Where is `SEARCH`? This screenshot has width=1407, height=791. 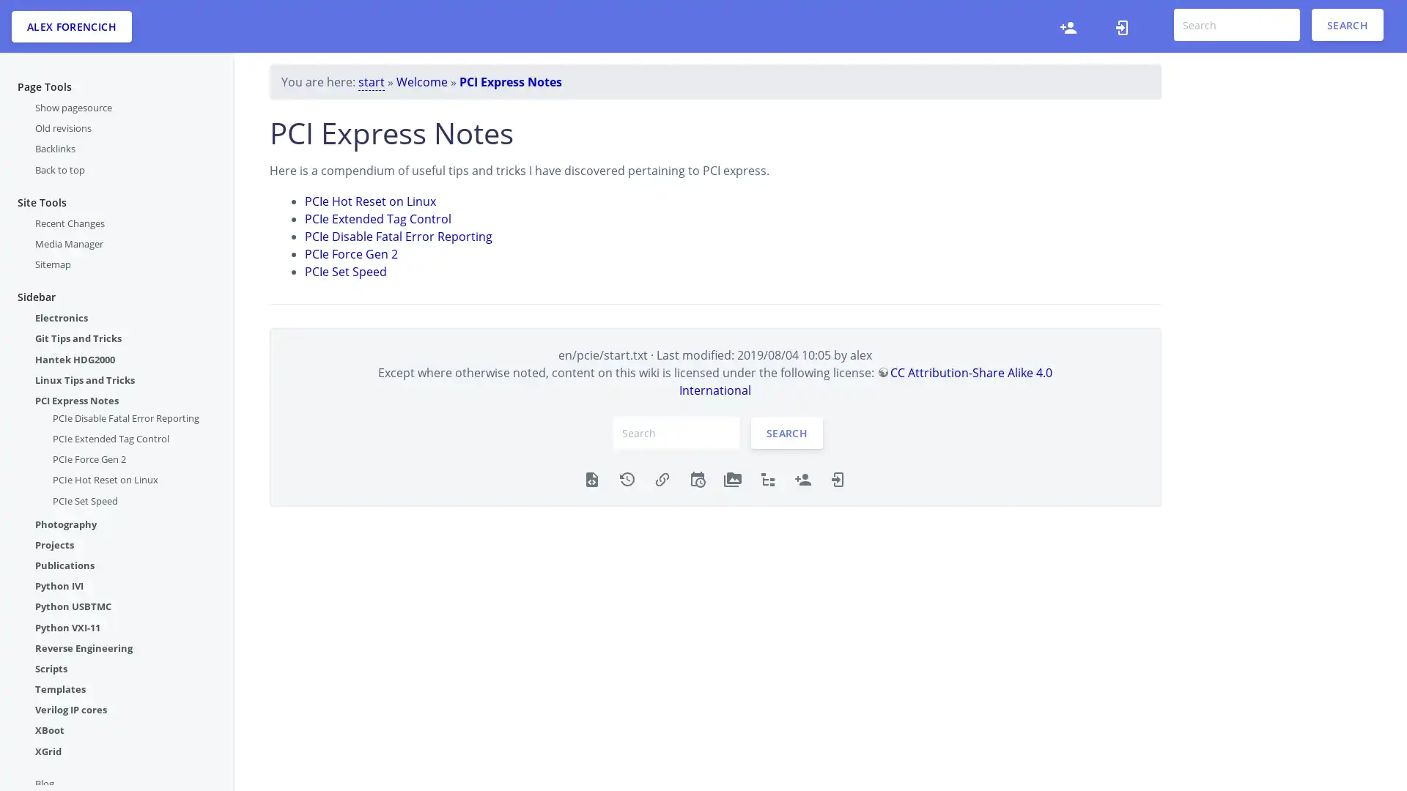 SEARCH is located at coordinates (1347, 25).